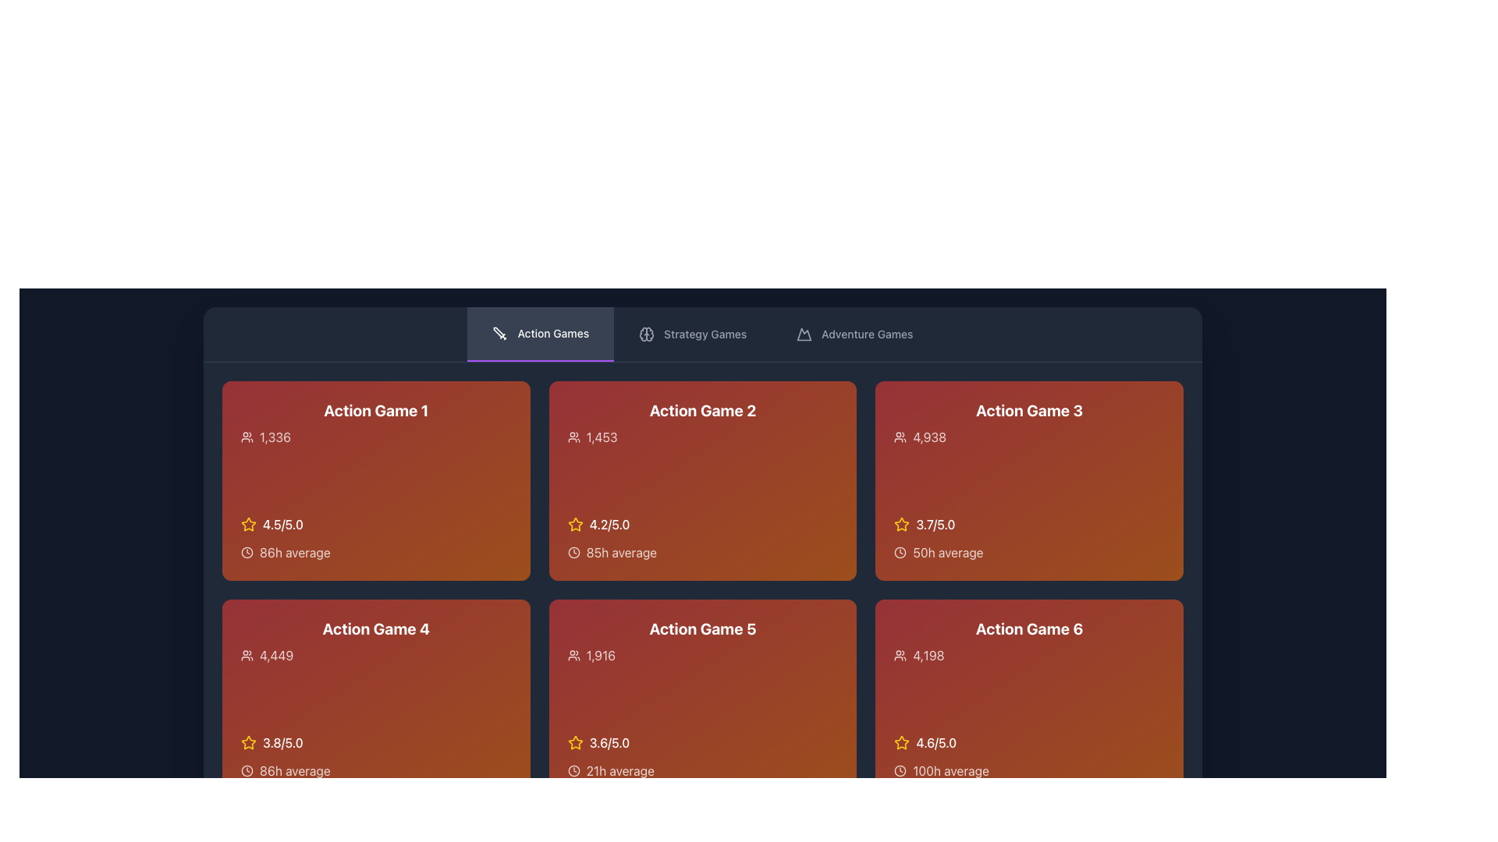 The height and width of the screenshot is (842, 1498). Describe the element at coordinates (900, 769) in the screenshot. I see `outline of the circular SVG graphic element representing the outer rim of the clock icon, located in the bottom-right section of the interface` at that location.